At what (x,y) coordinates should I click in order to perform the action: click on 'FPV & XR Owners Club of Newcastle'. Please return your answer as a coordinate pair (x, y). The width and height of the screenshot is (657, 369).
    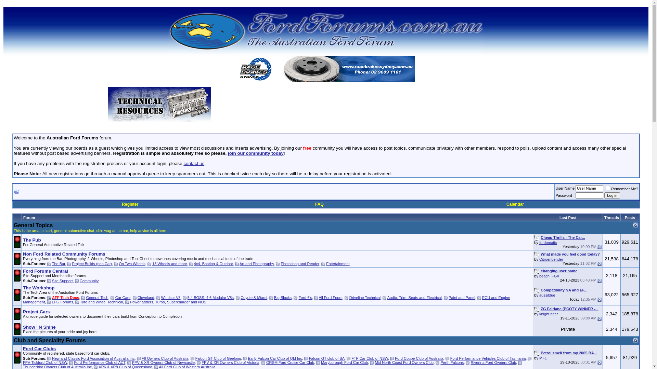
    Looking at the image, I should click on (163, 362).